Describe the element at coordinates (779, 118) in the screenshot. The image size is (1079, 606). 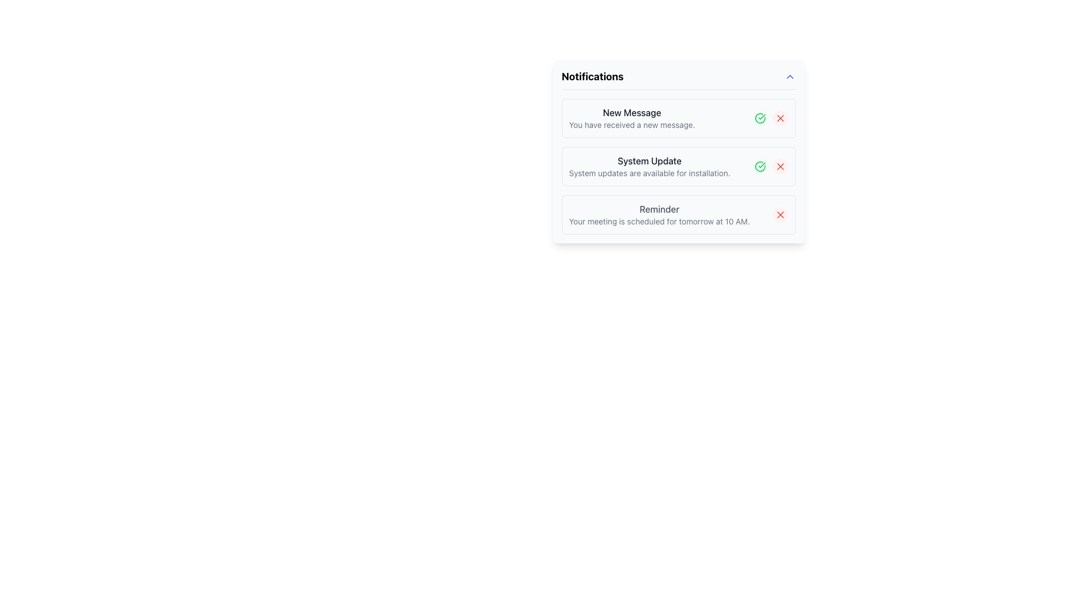
I see `the dismiss icon located in the upper portion of the notification panel, specifically the rightmost icon in the row for the 'New Message' notification` at that location.